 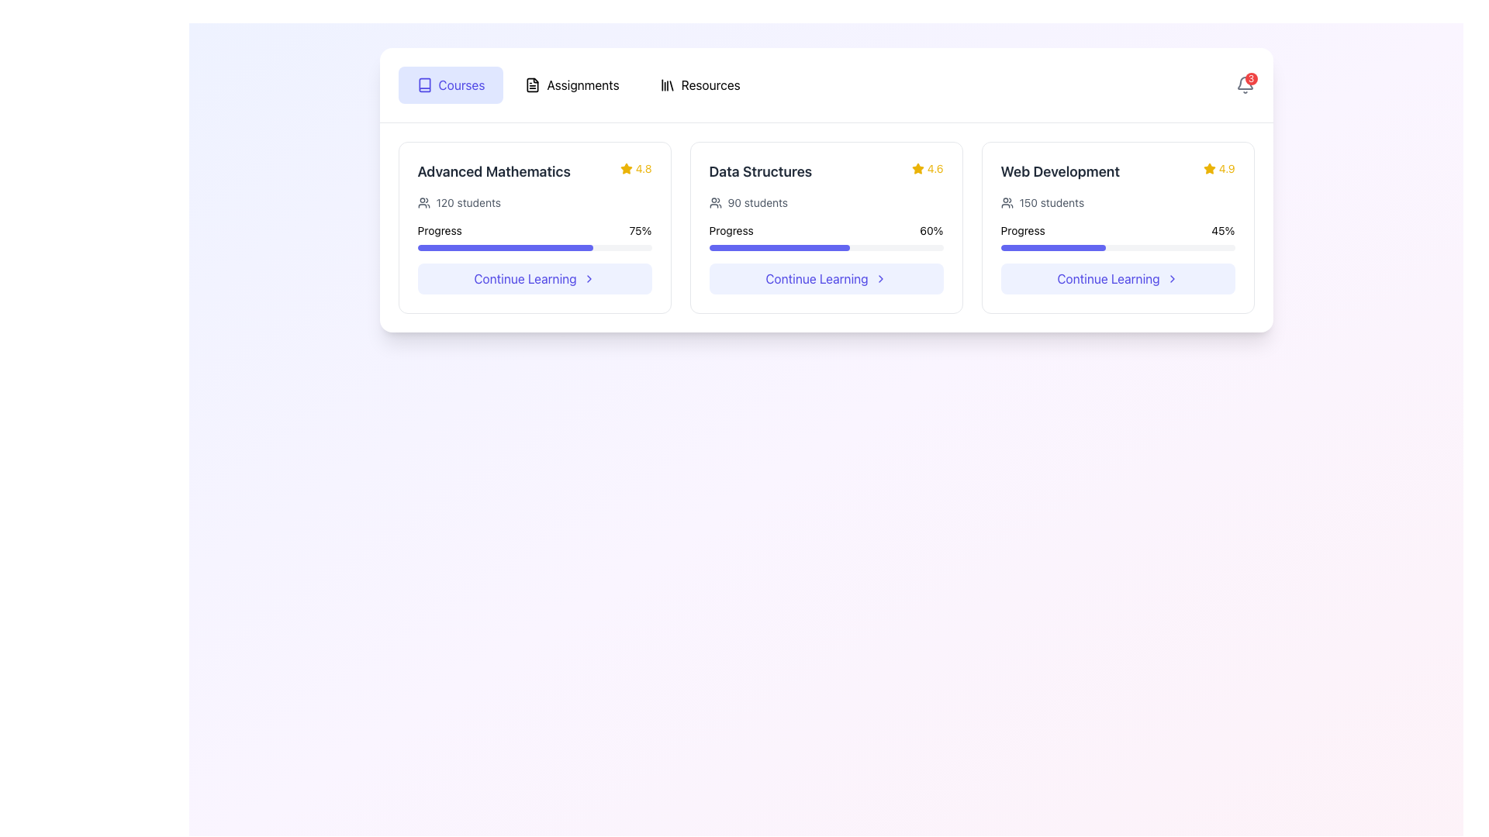 What do you see at coordinates (461, 85) in the screenshot?
I see `the 'Courses' navigation text located within the button at the top left area of the interface` at bounding box center [461, 85].